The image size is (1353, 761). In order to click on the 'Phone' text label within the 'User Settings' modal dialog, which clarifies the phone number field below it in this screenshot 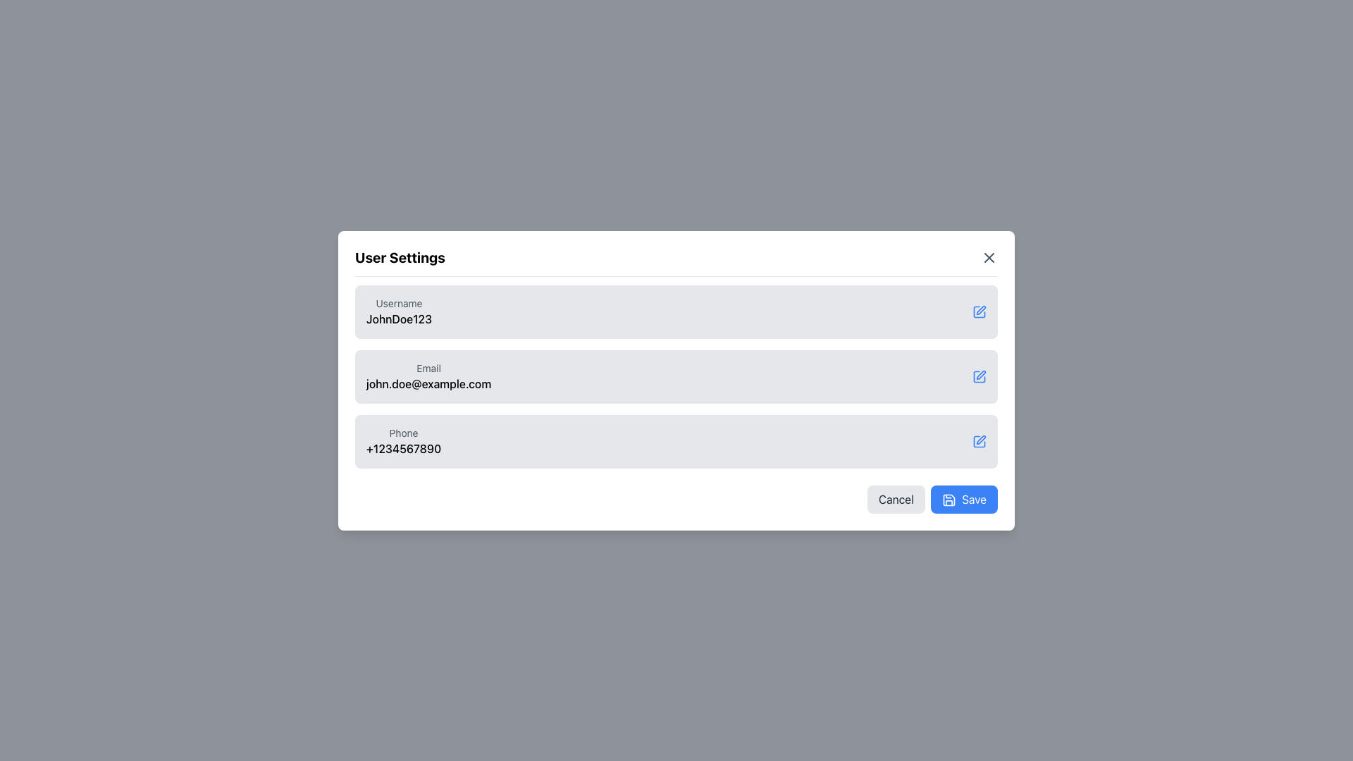, I will do `click(403, 432)`.